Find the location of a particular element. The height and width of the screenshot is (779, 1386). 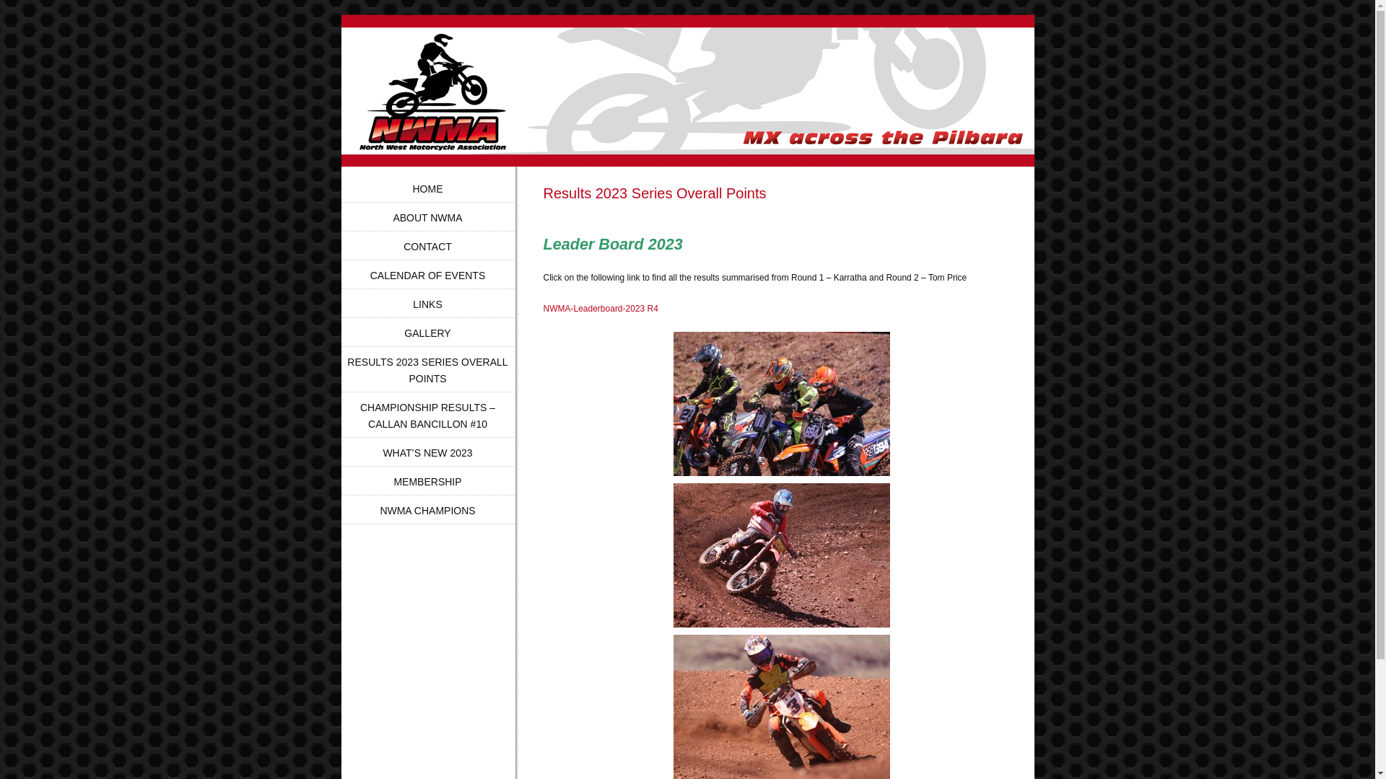

'ABOUT NWMA' is located at coordinates (426, 217).